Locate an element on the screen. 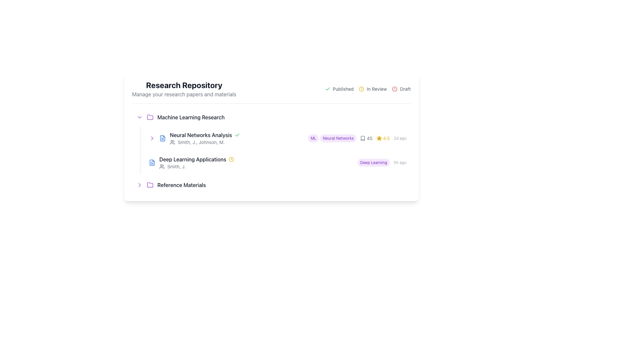 This screenshot has width=631, height=355. the textual component displaying authors or contributors related to 'Neural Networks Analysis', located directly below the main title in the 'Machine Learning Research' category is located at coordinates (237, 142).